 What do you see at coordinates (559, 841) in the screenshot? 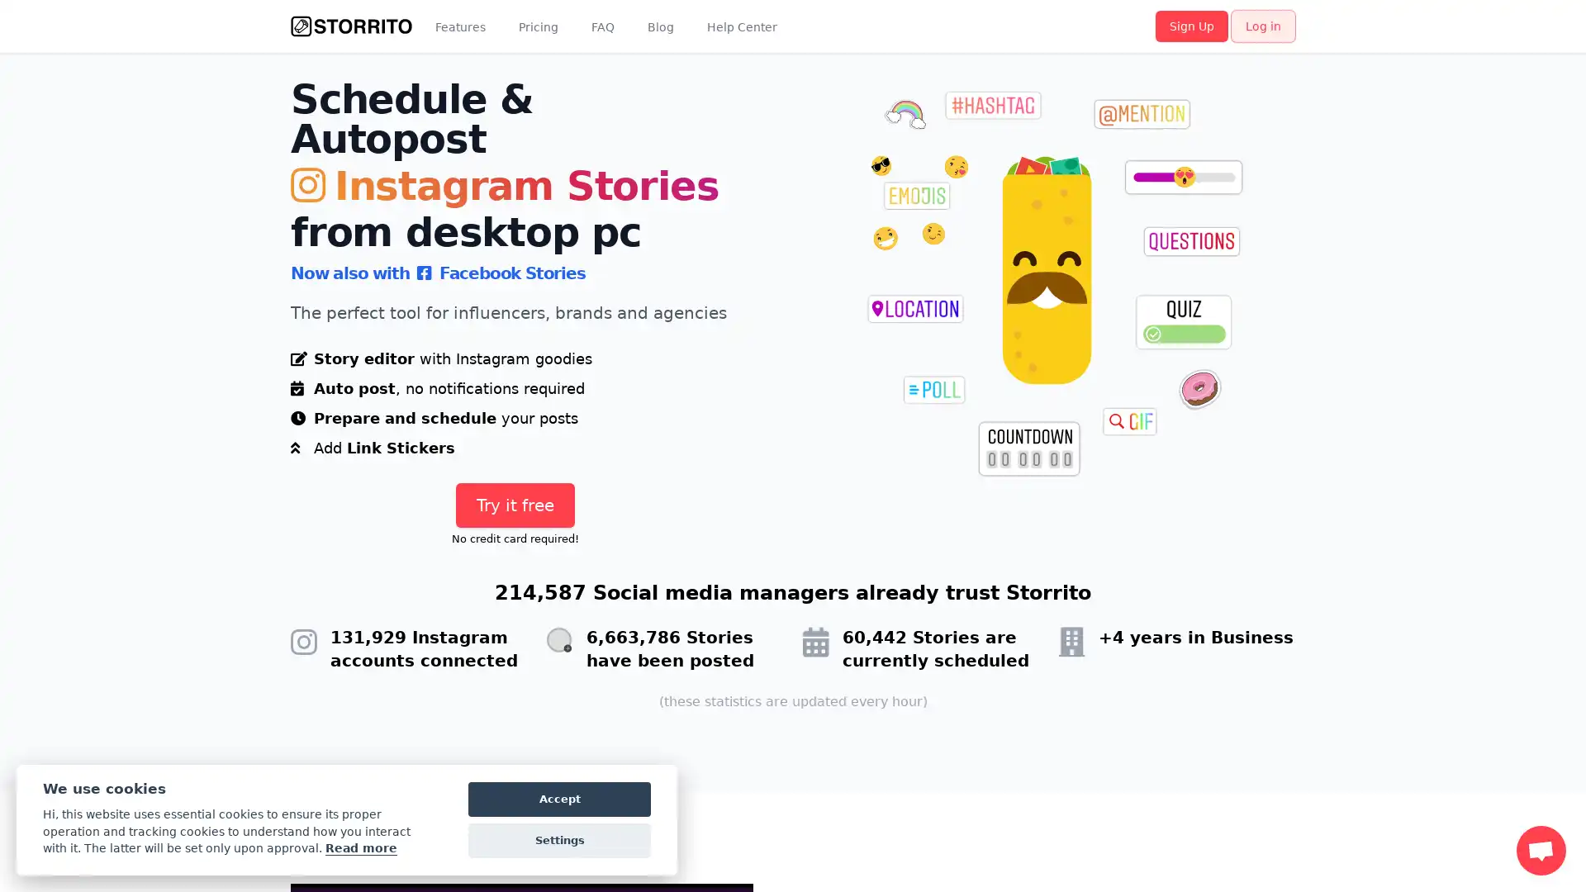
I see `Settings` at bounding box center [559, 841].